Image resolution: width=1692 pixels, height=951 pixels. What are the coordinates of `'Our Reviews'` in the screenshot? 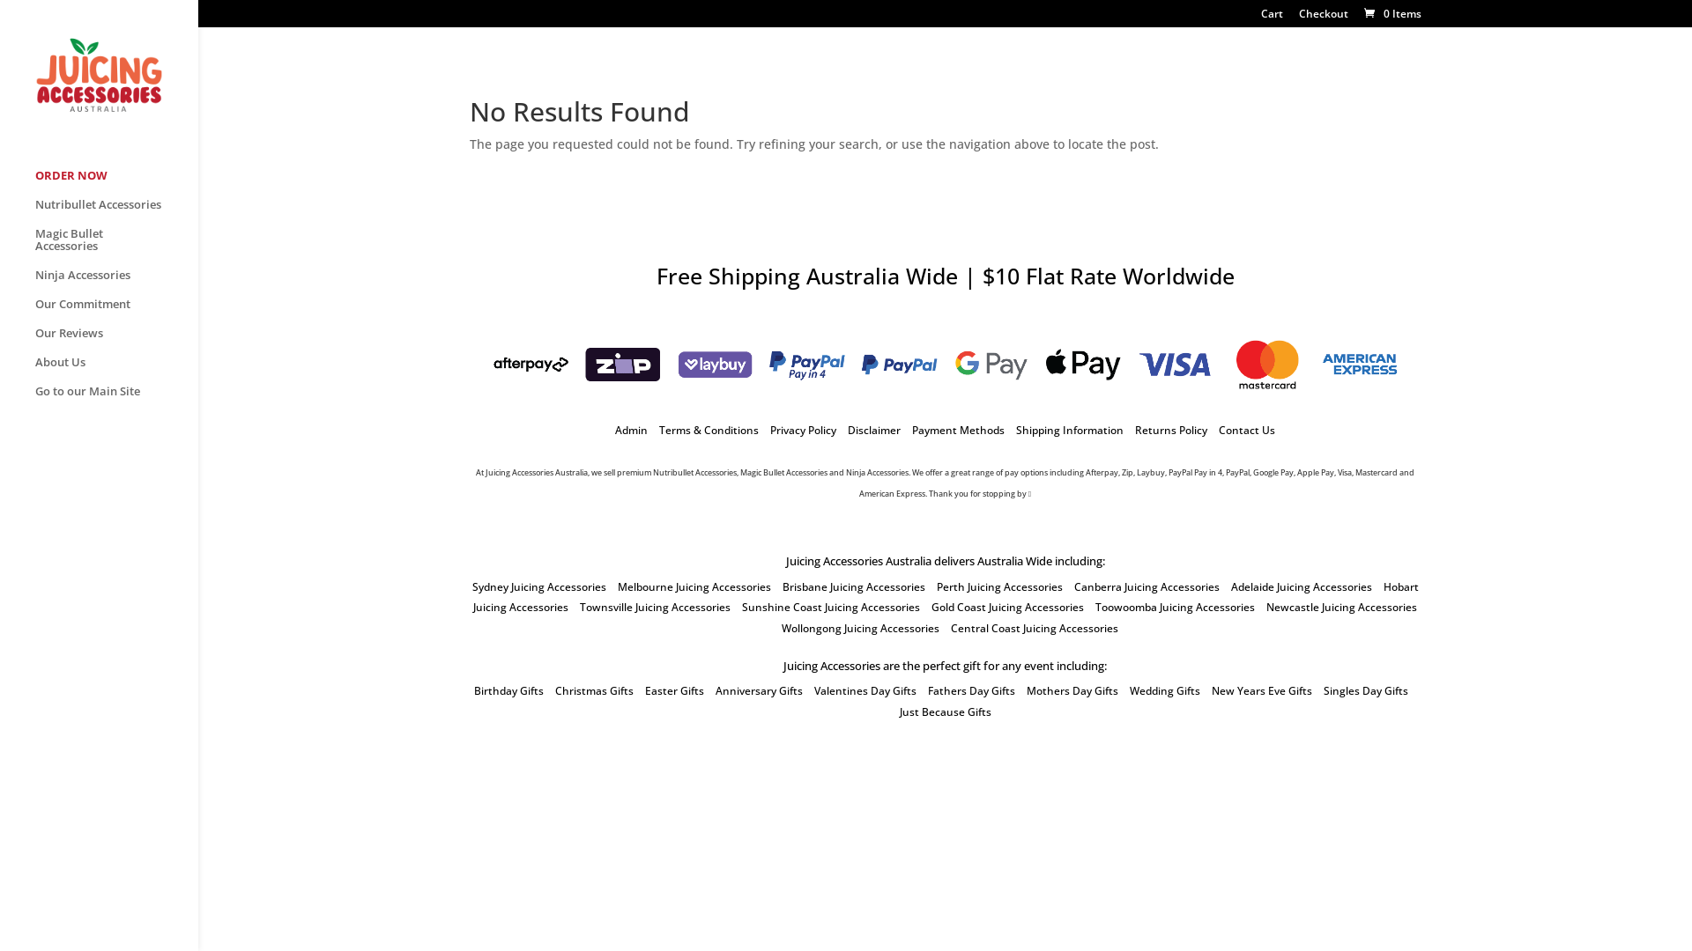 It's located at (115, 341).